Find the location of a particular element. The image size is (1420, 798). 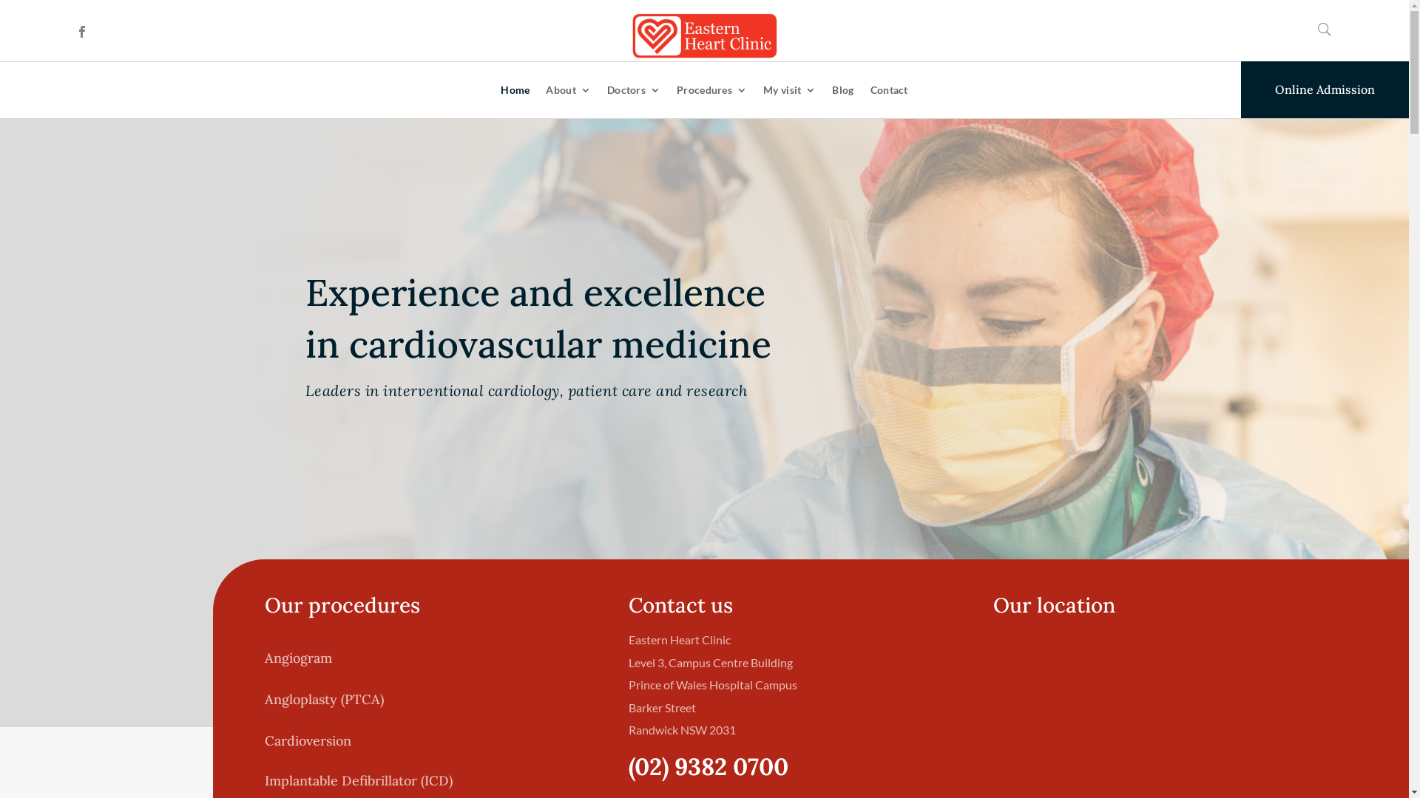

'Online Admission' is located at coordinates (1325, 89).